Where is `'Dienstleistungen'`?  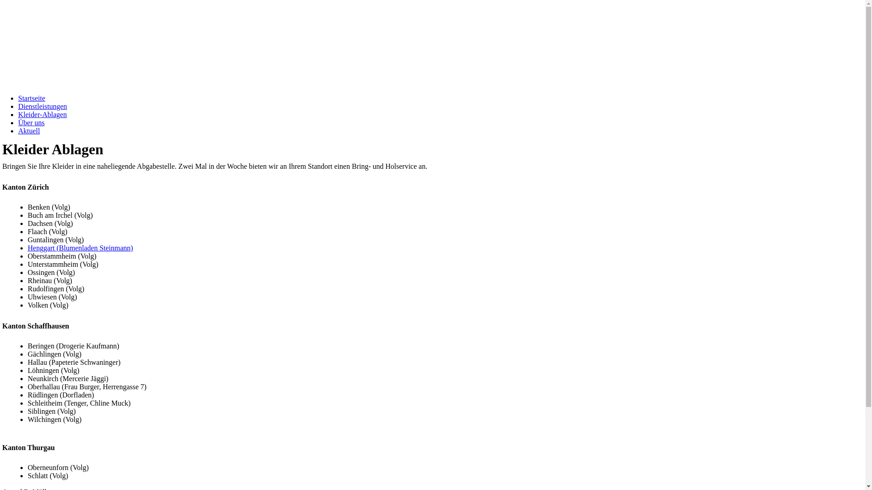 'Dienstleistungen' is located at coordinates (42, 106).